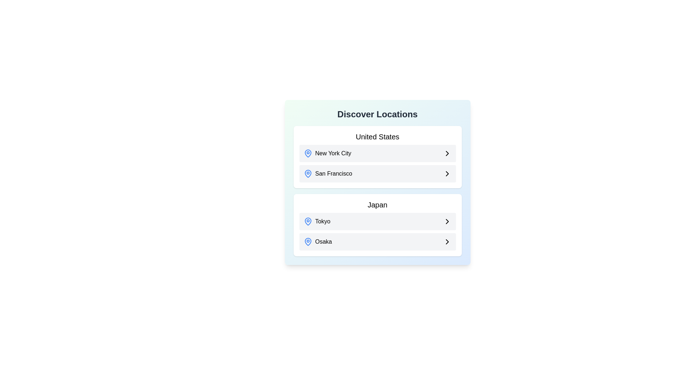  Describe the element at coordinates (447, 221) in the screenshot. I see `the rightmost icon in the 'Tokyo' row within the 'Japan' section` at that location.